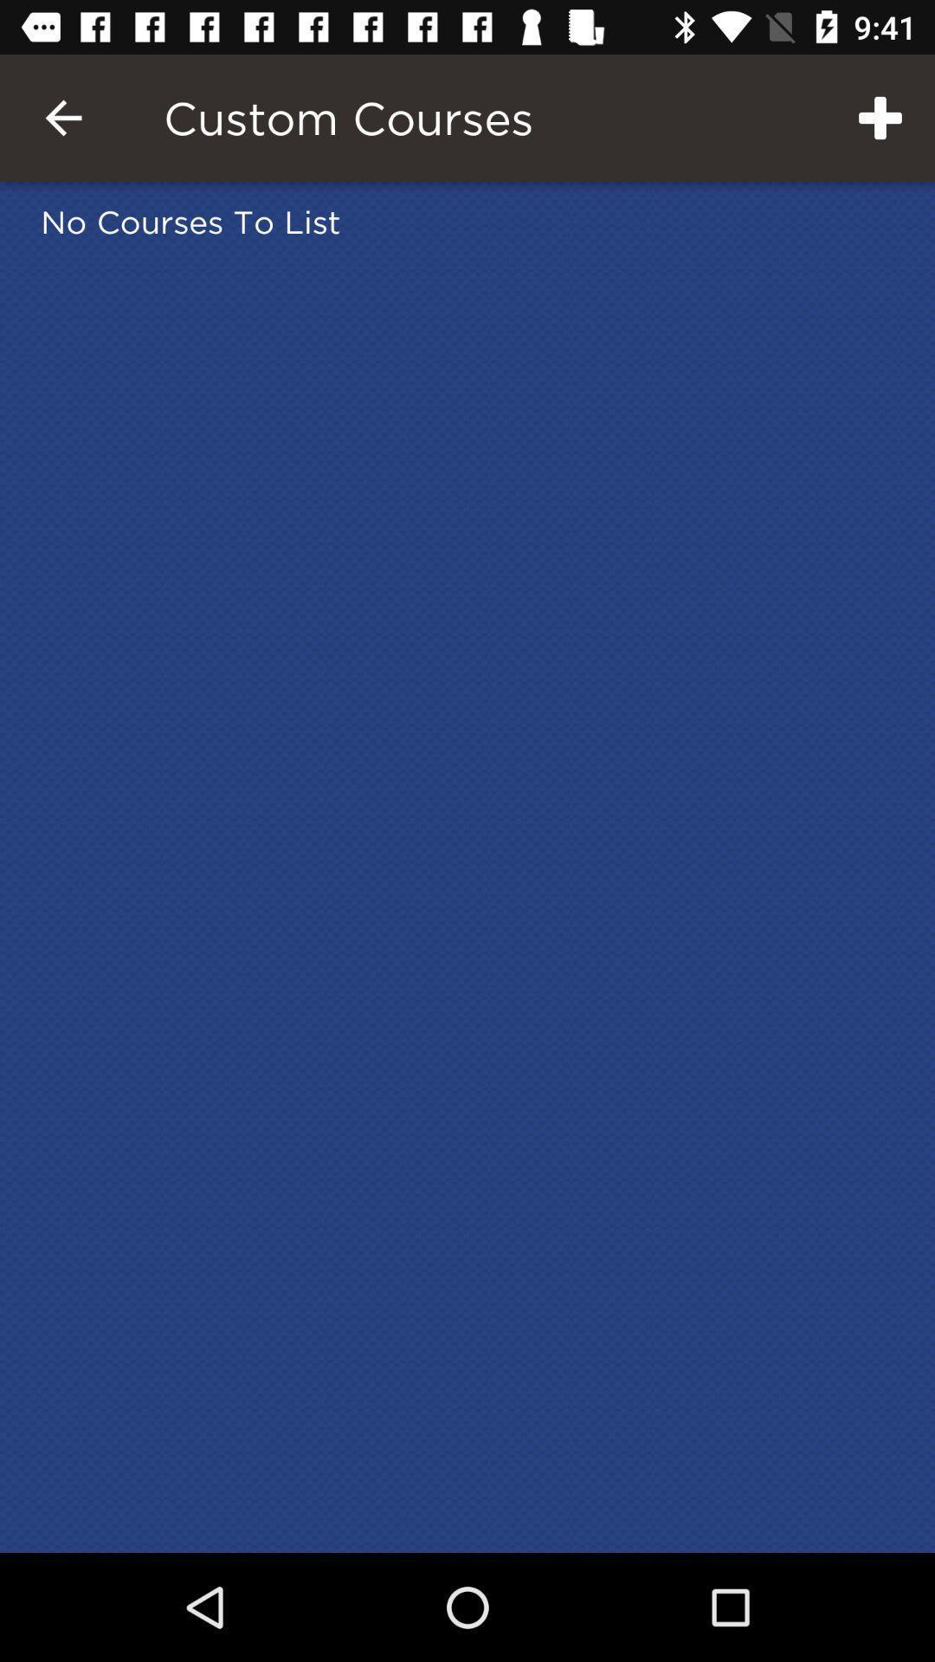 This screenshot has width=935, height=1662. What do you see at coordinates (62, 117) in the screenshot?
I see `item next to the custom courses icon` at bounding box center [62, 117].